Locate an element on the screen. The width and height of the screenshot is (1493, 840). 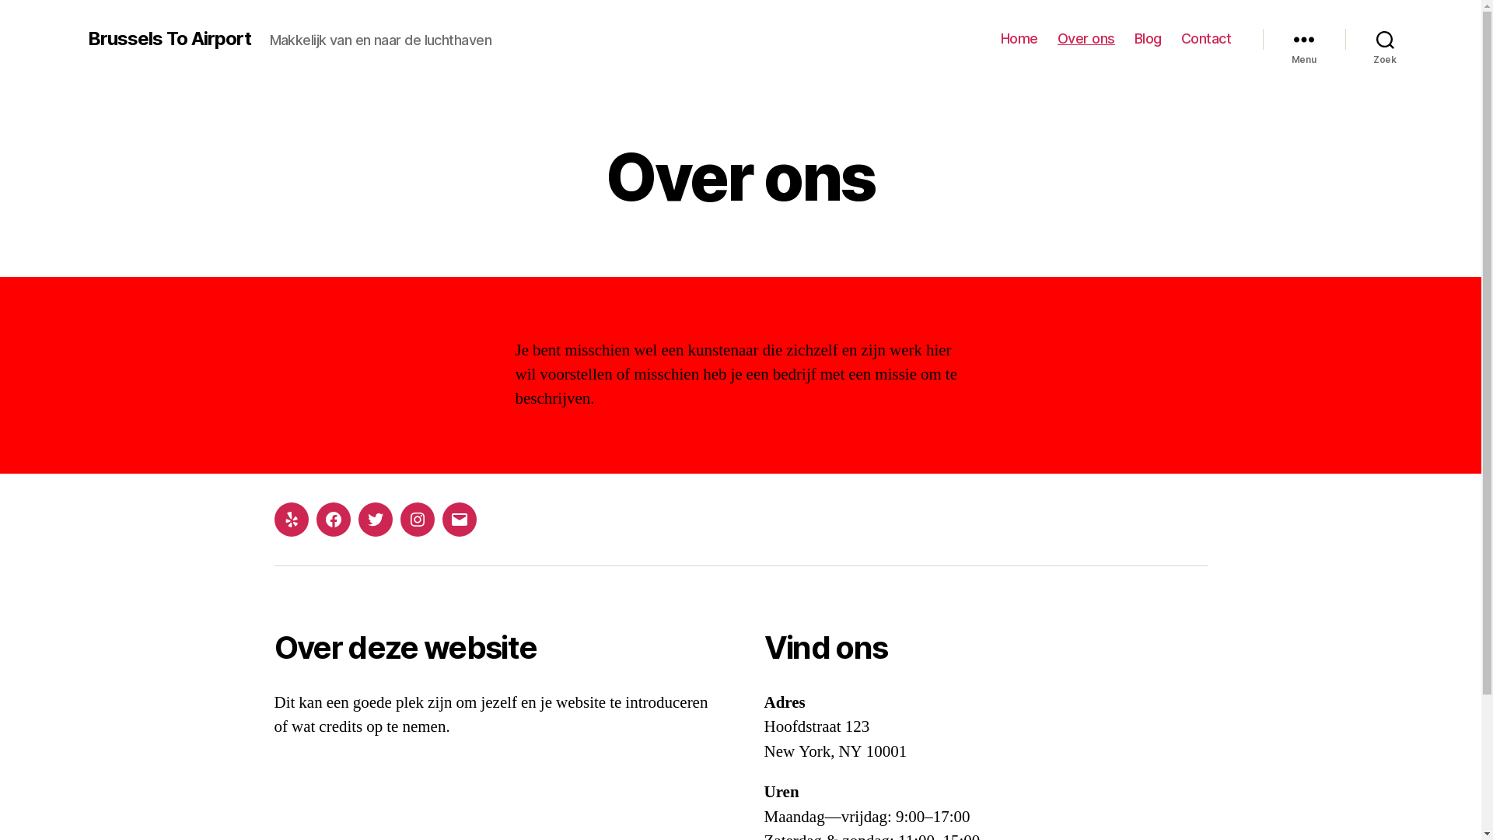
'Twitter' is located at coordinates (374, 519).